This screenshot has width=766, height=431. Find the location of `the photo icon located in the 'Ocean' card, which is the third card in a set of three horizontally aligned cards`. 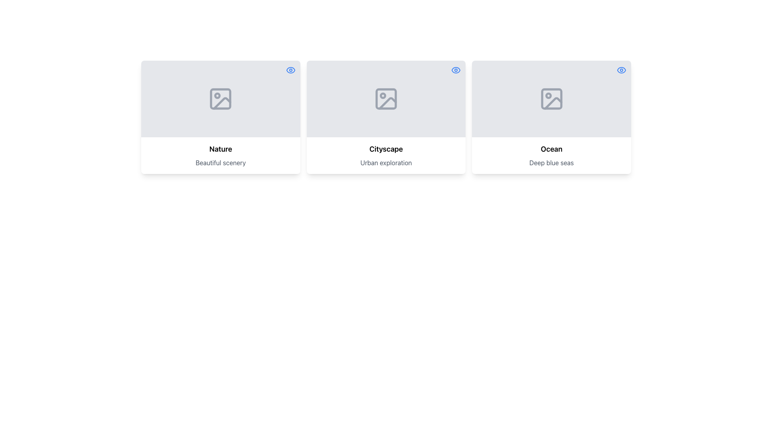

the photo icon located in the 'Ocean' card, which is the third card in a set of three horizontally aligned cards is located at coordinates (551, 98).